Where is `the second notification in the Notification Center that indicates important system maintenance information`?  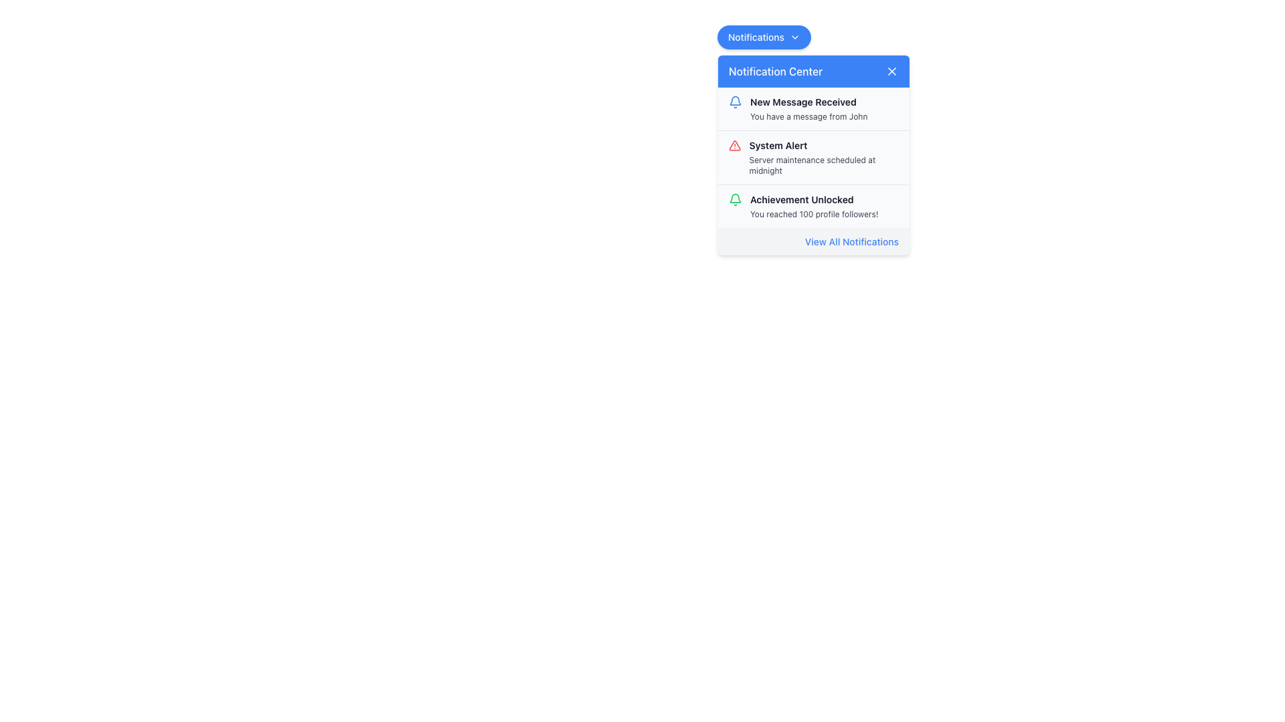 the second notification in the Notification Center that indicates important system maintenance information is located at coordinates (823, 156).